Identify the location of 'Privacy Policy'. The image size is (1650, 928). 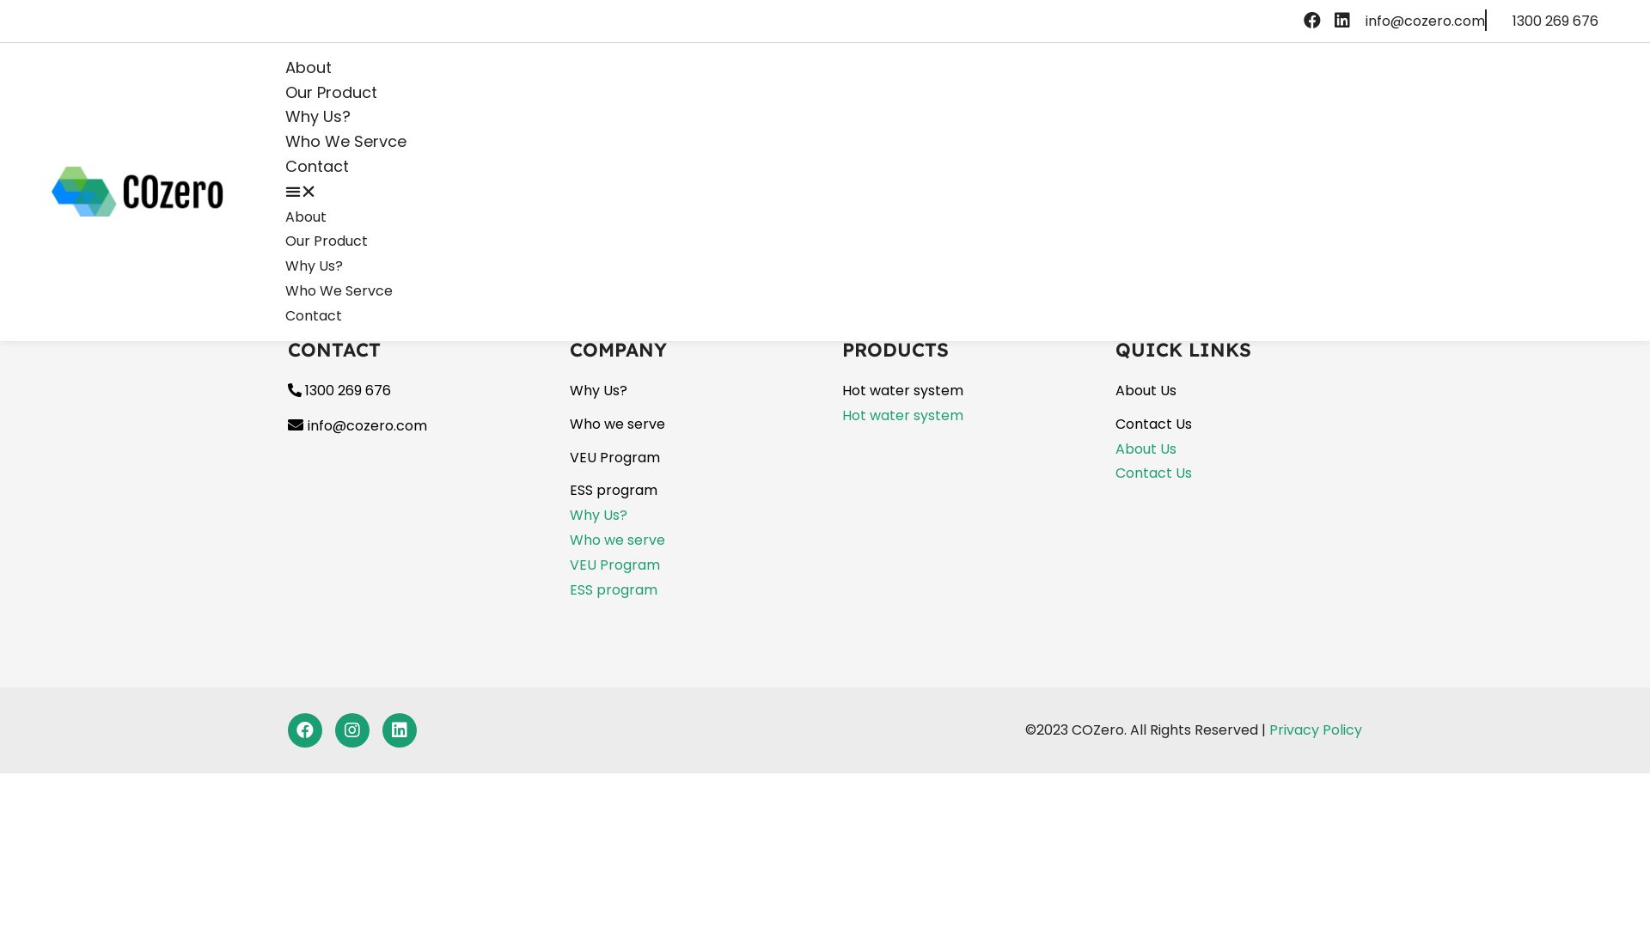
(1315, 730).